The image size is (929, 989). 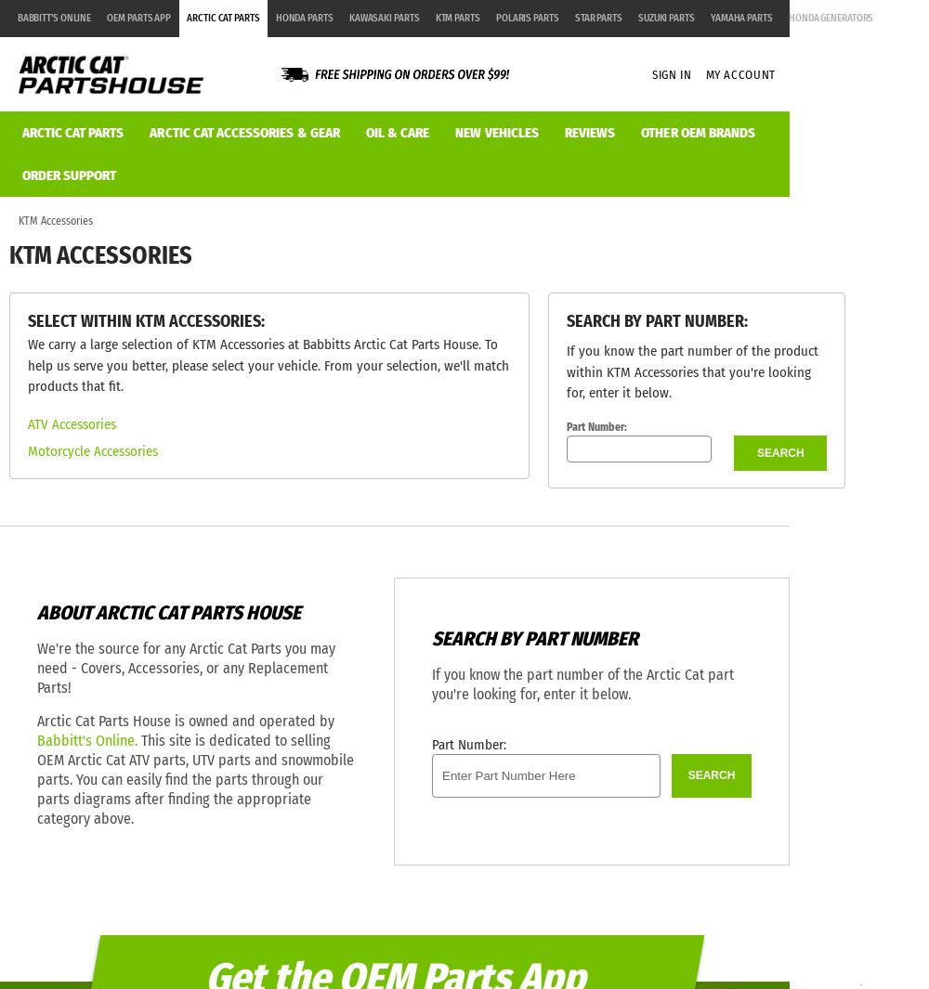 I want to click on 'KTM Parts', so click(x=434, y=17).